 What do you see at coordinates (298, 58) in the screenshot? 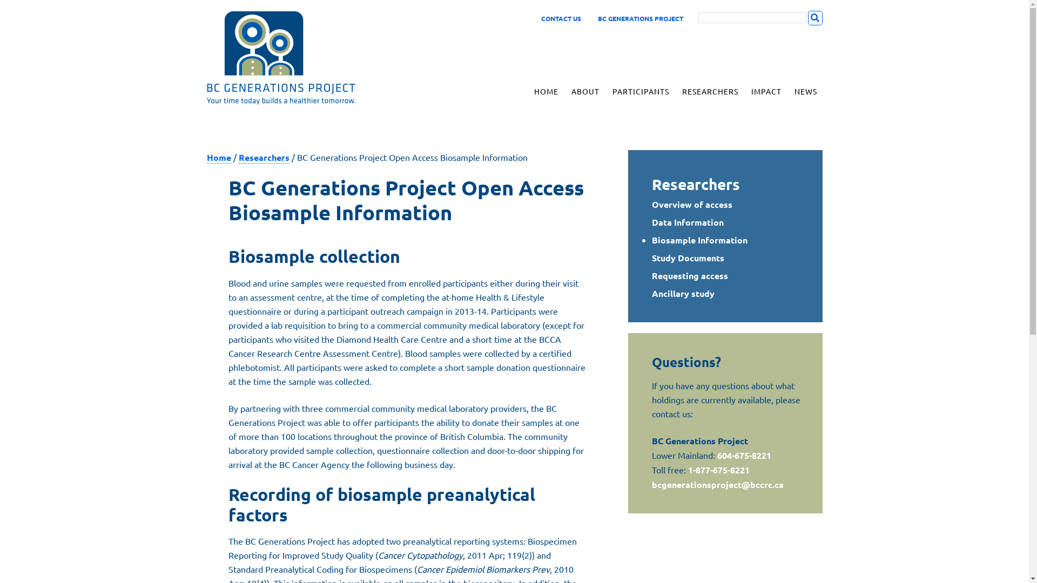
I see `'BC GENERATIONS PROJECT'` at bounding box center [298, 58].